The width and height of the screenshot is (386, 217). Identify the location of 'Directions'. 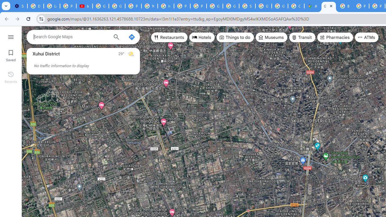
(131, 37).